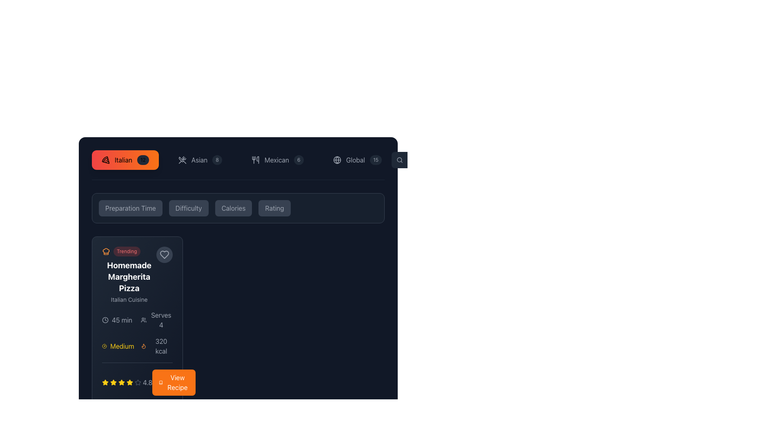 The height and width of the screenshot is (441, 784). I want to click on the text label styled as a badge displaying the number '6', which is located to the right of the 'Mexican' category button in the navigation bar, so click(298, 160).